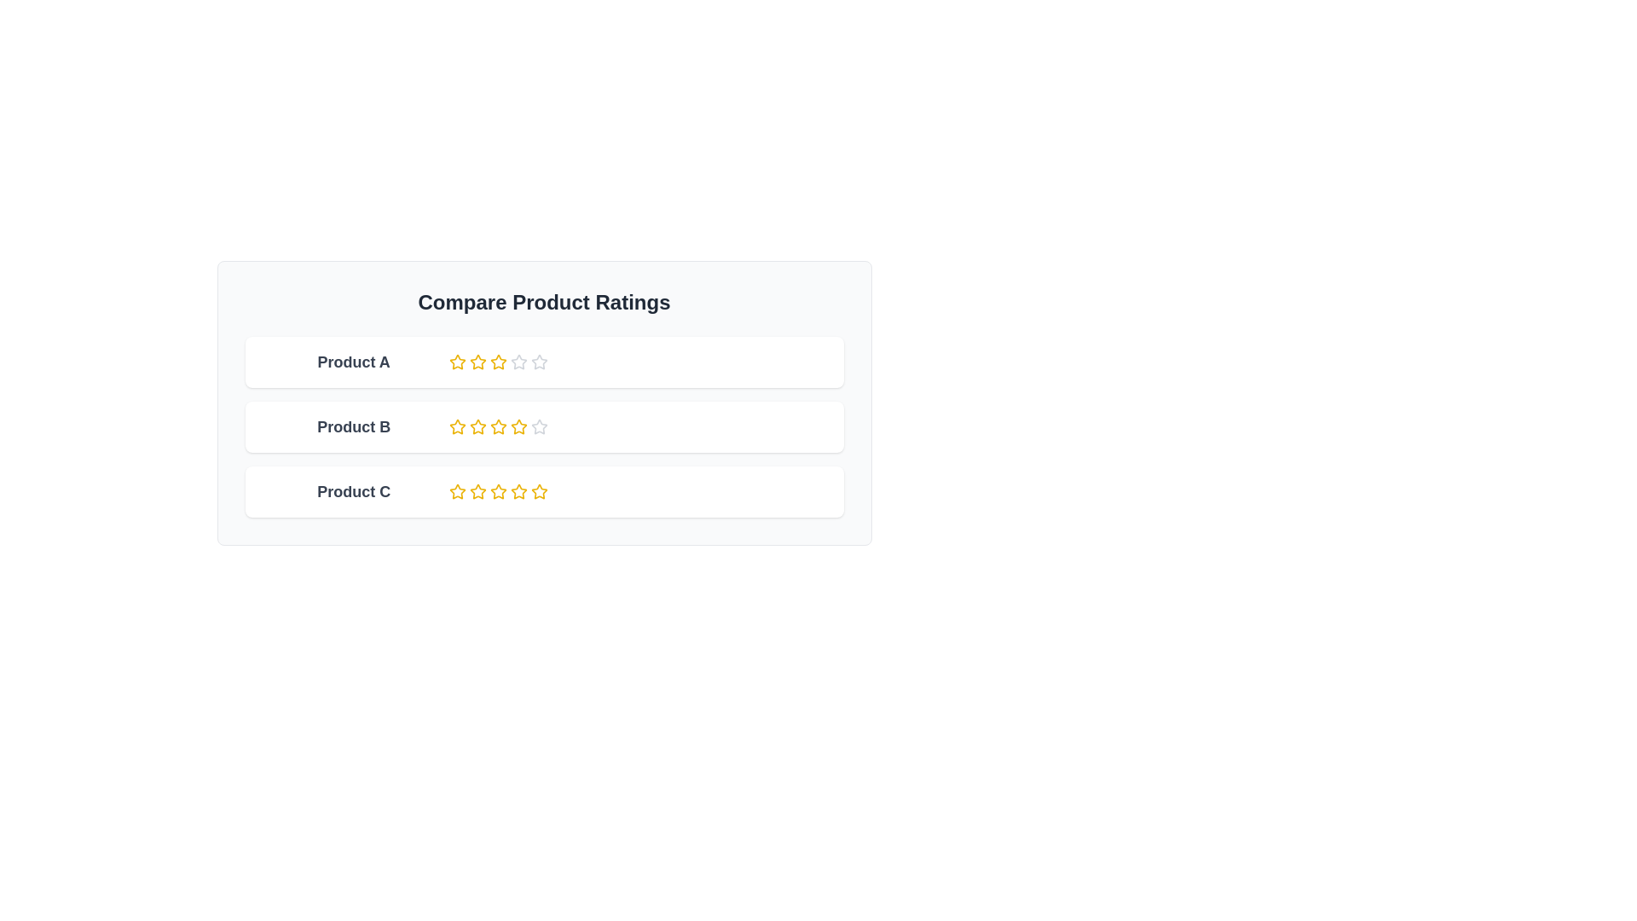 Image resolution: width=1637 pixels, height=921 pixels. Describe the element at coordinates (457, 361) in the screenshot. I see `the yellow star-shaped rating icon located in the first row under 'Product A', specifically the second star in the five-star rating section` at that location.